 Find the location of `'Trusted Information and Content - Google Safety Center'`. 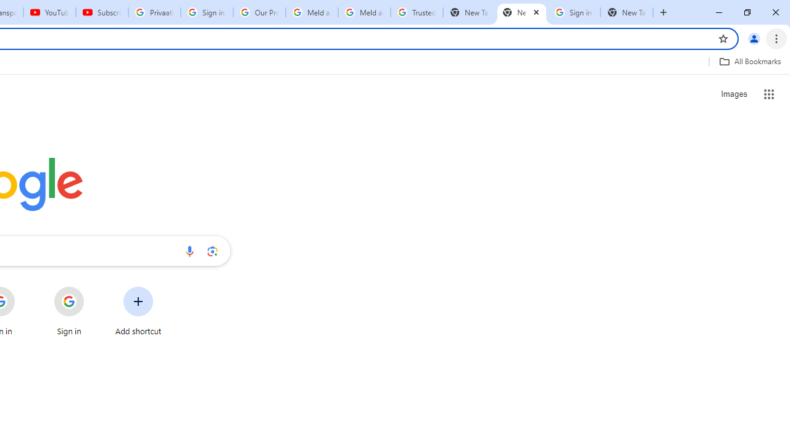

'Trusted Information and Content - Google Safety Center' is located at coordinates (417, 12).